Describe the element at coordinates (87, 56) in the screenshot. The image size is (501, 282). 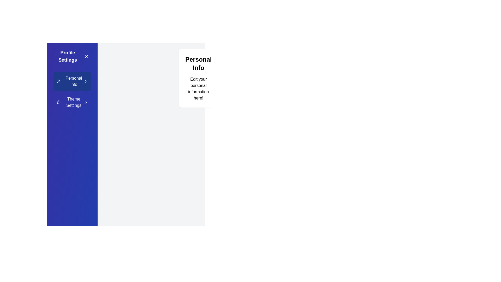
I see `the close icon located in the top left corner of the interface` at that location.